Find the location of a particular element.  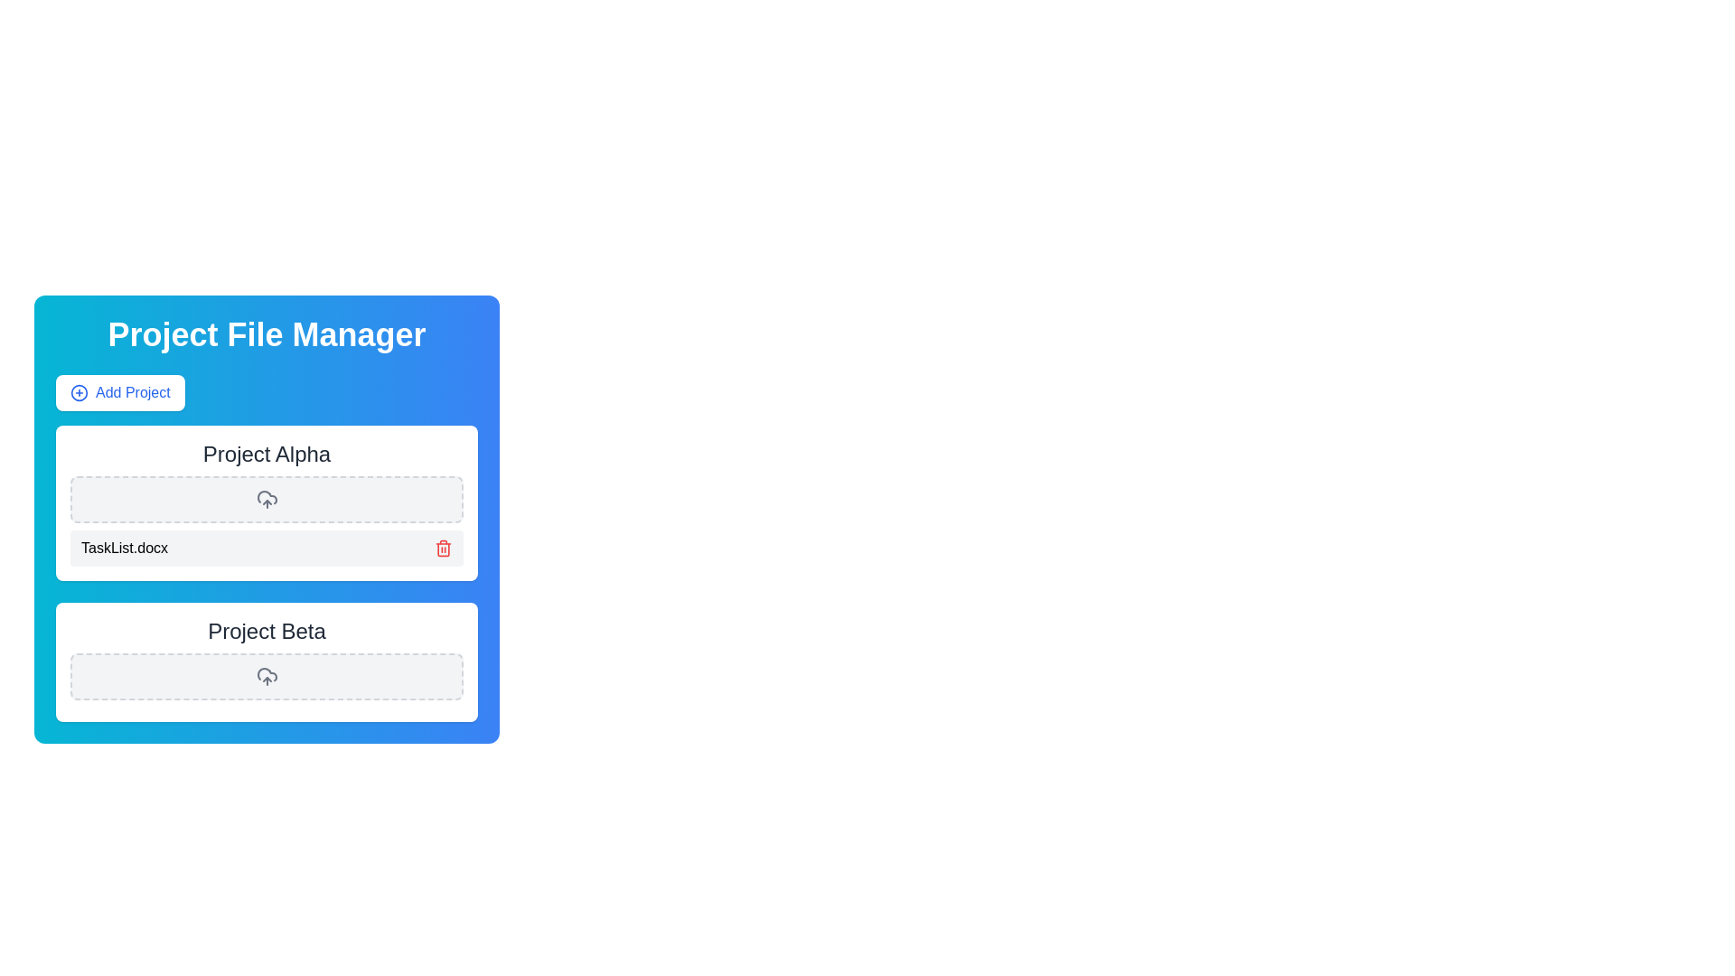

the iconic vector graphic representing a cloud upload, located at the bottom-left segment of the cloud icon is located at coordinates (266, 497).